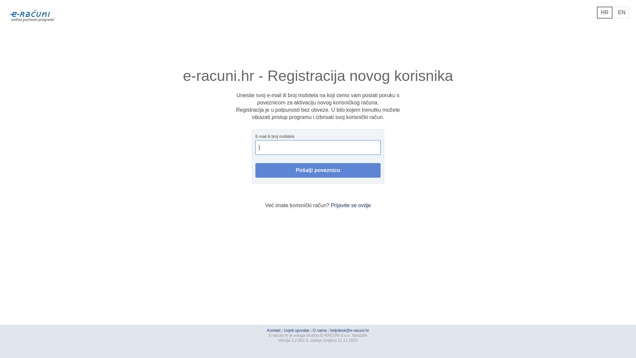  I want to click on 'Prijavite se ovdje', so click(350, 205).